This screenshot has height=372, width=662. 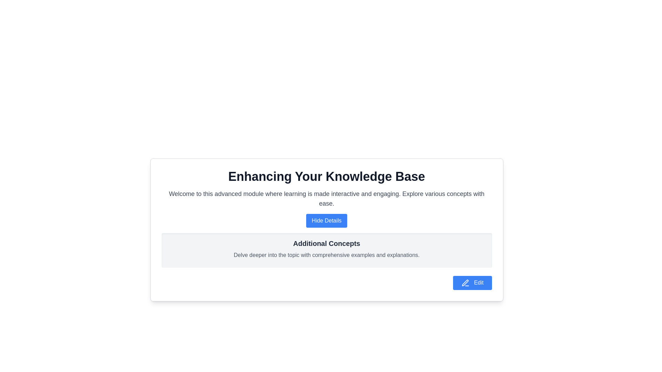 I want to click on the button located at the bottom-right corner of the 'Enhancing Your Knowledge Base' panel, so click(x=326, y=283).